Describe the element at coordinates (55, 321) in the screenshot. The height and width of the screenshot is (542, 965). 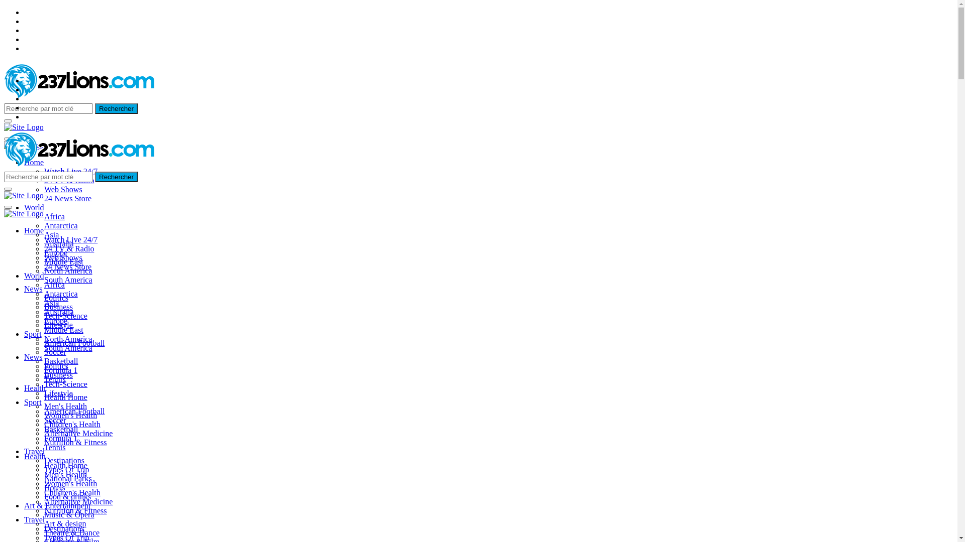
I see `'Europe'` at that location.